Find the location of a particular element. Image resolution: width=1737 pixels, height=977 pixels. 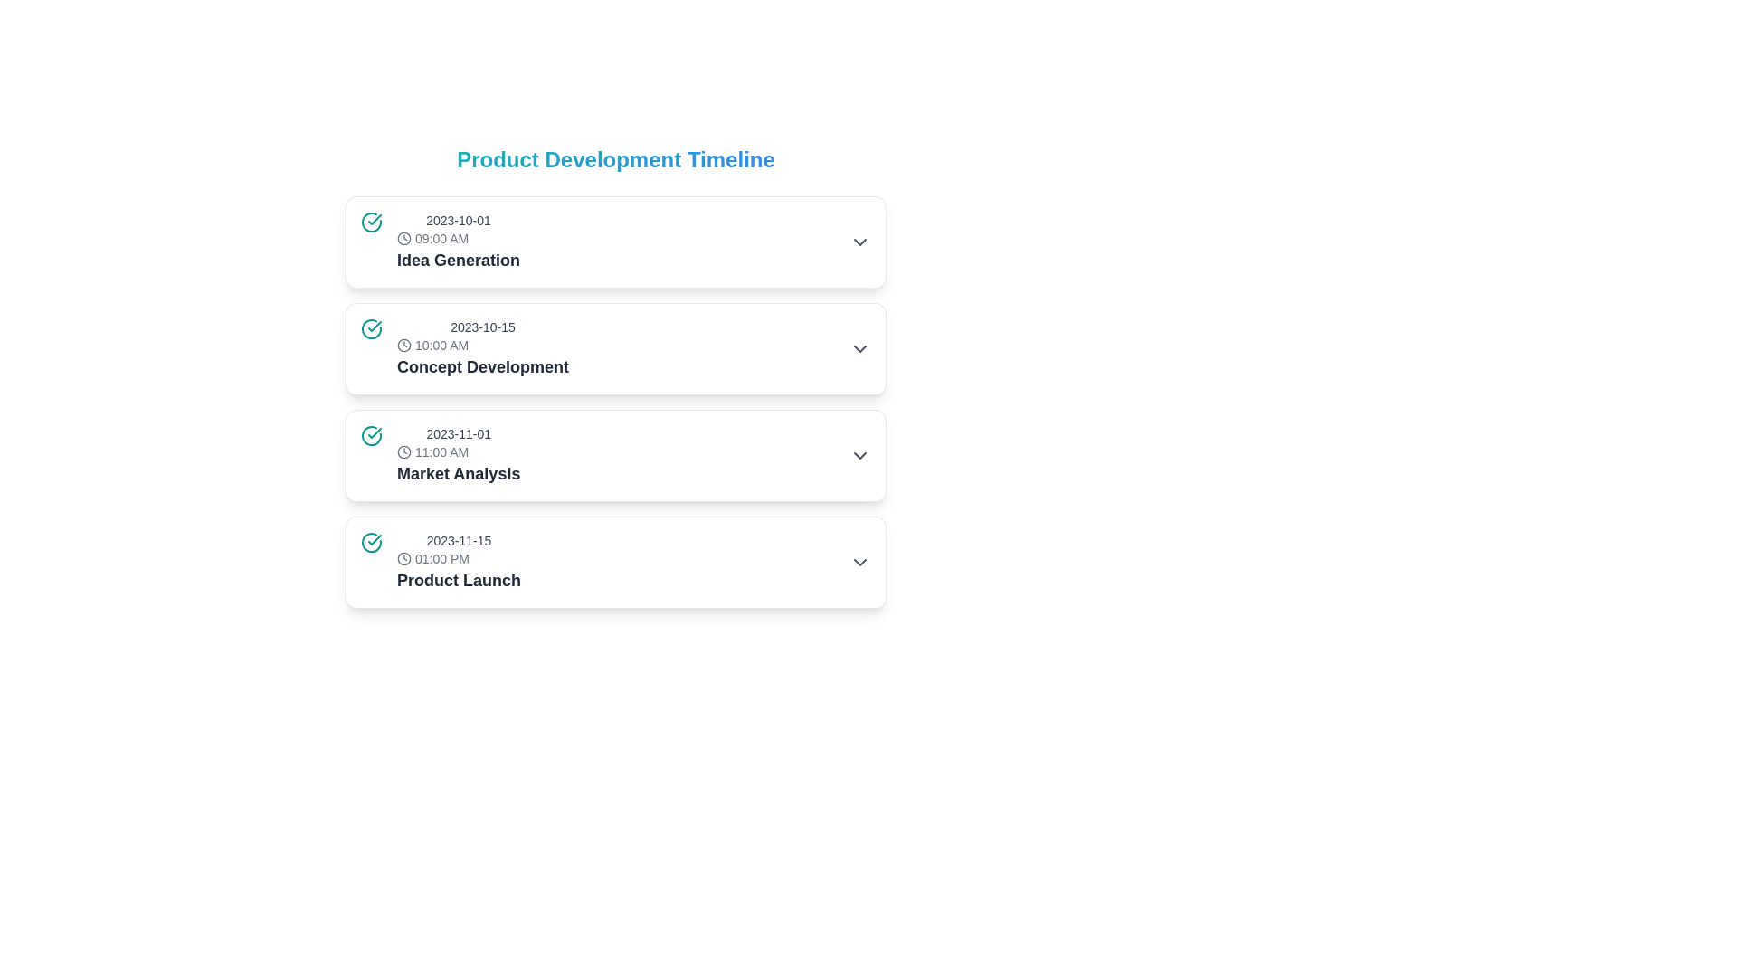

static text content describing the phase or activity in the timeline for the date '2023-10-15' and time '10:00 AM', which is centrally located in the second block of the timeline layout is located at coordinates (482, 366).